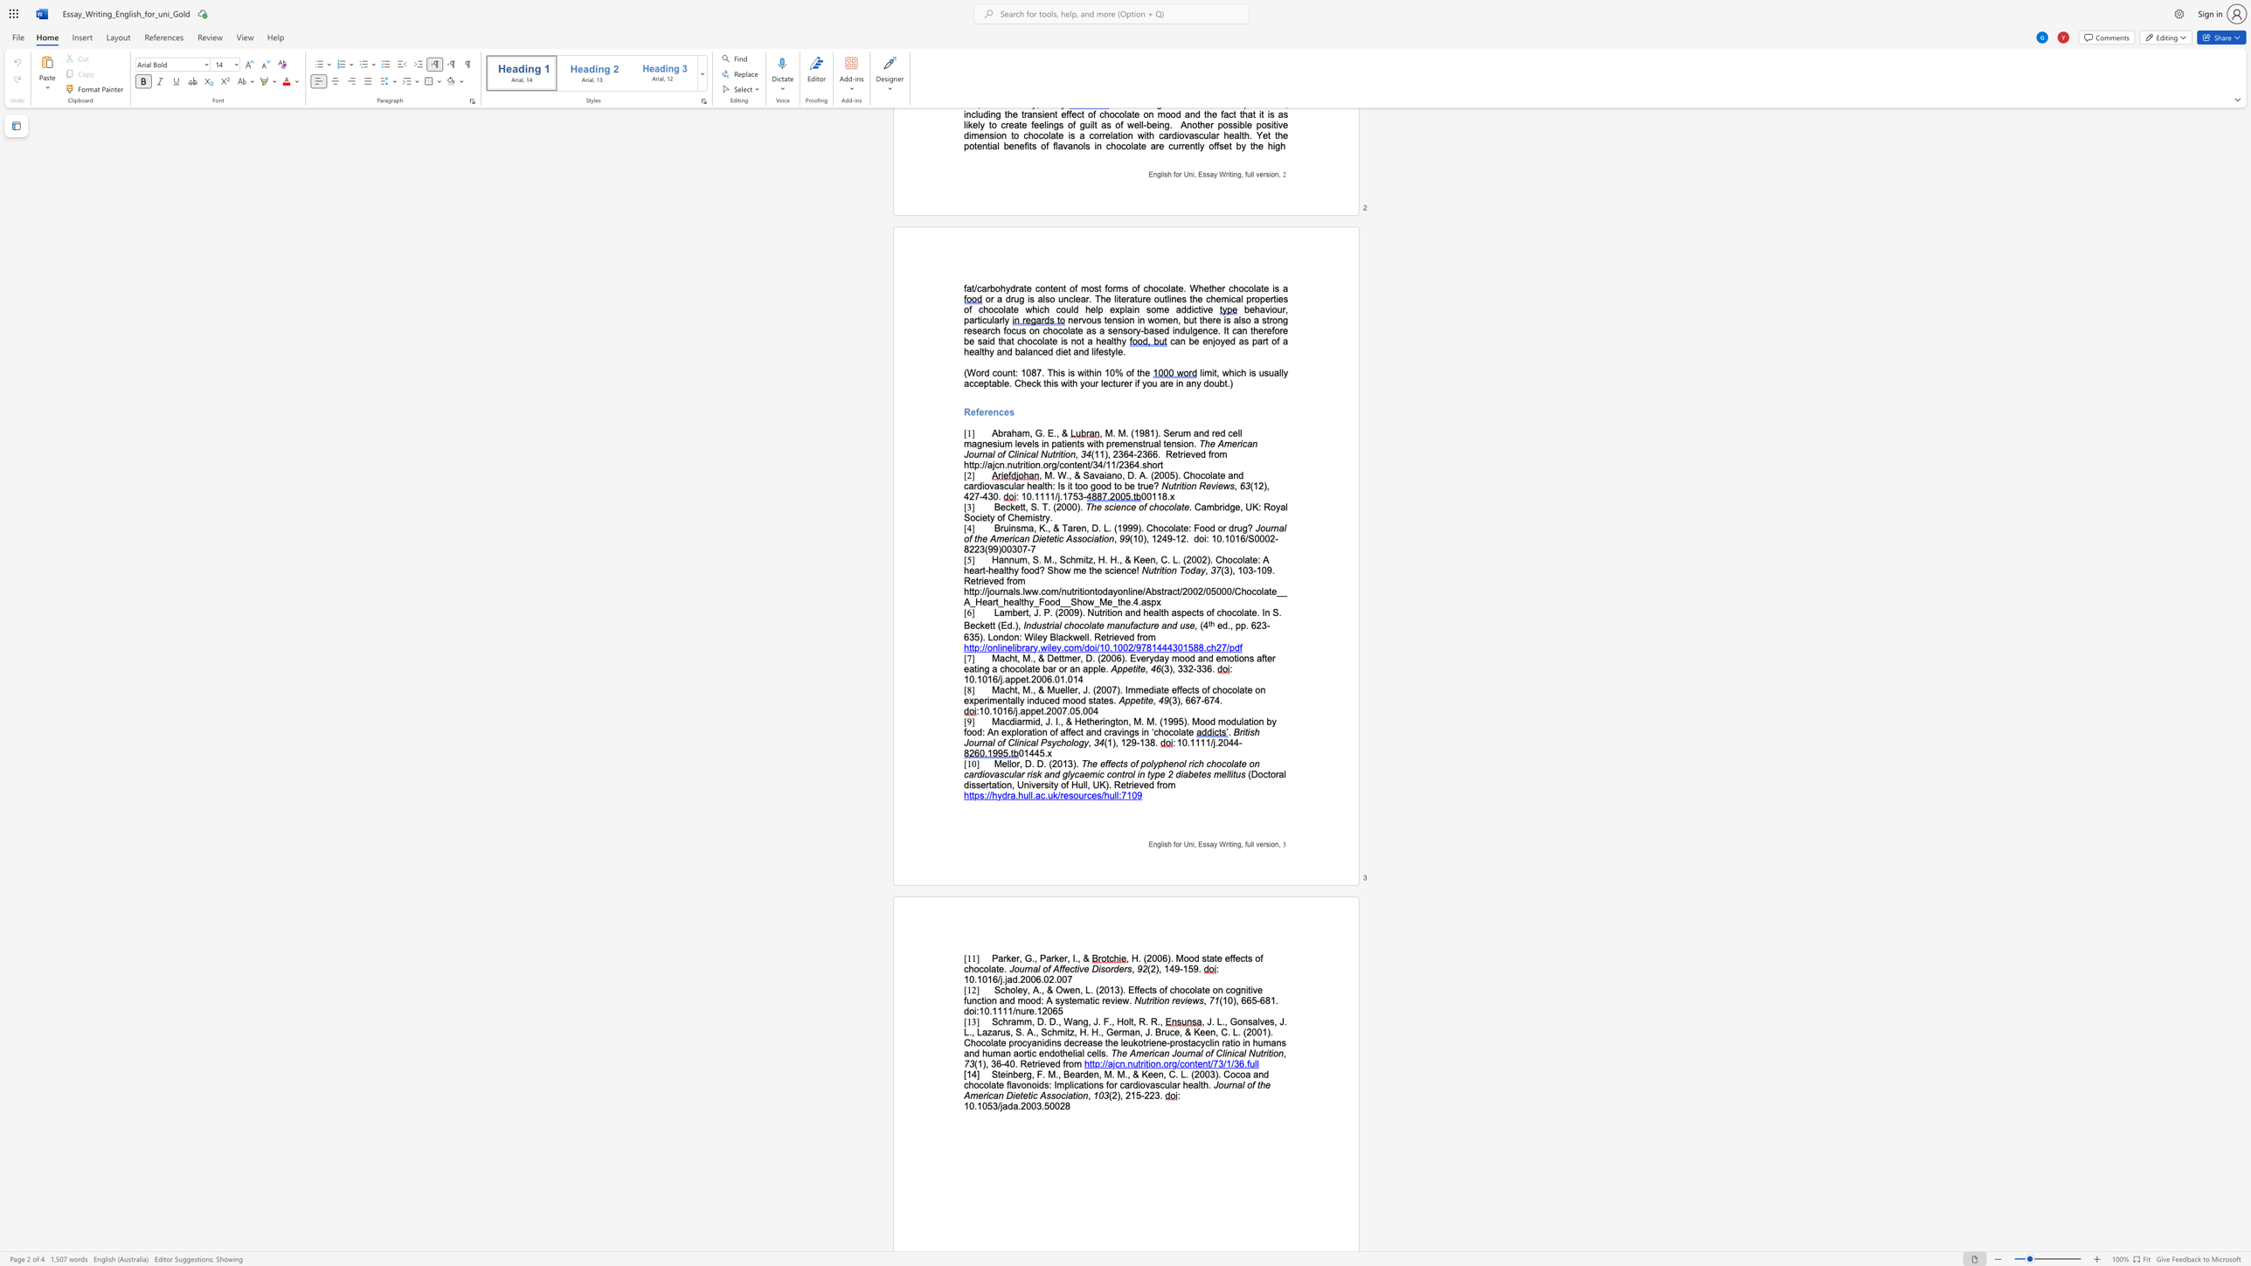 The image size is (2251, 1266). Describe the element at coordinates (1069, 795) in the screenshot. I see `the subset text "sources" within the text "https://hydra.hull.ac.uk/resources/hull:7109"` at that location.